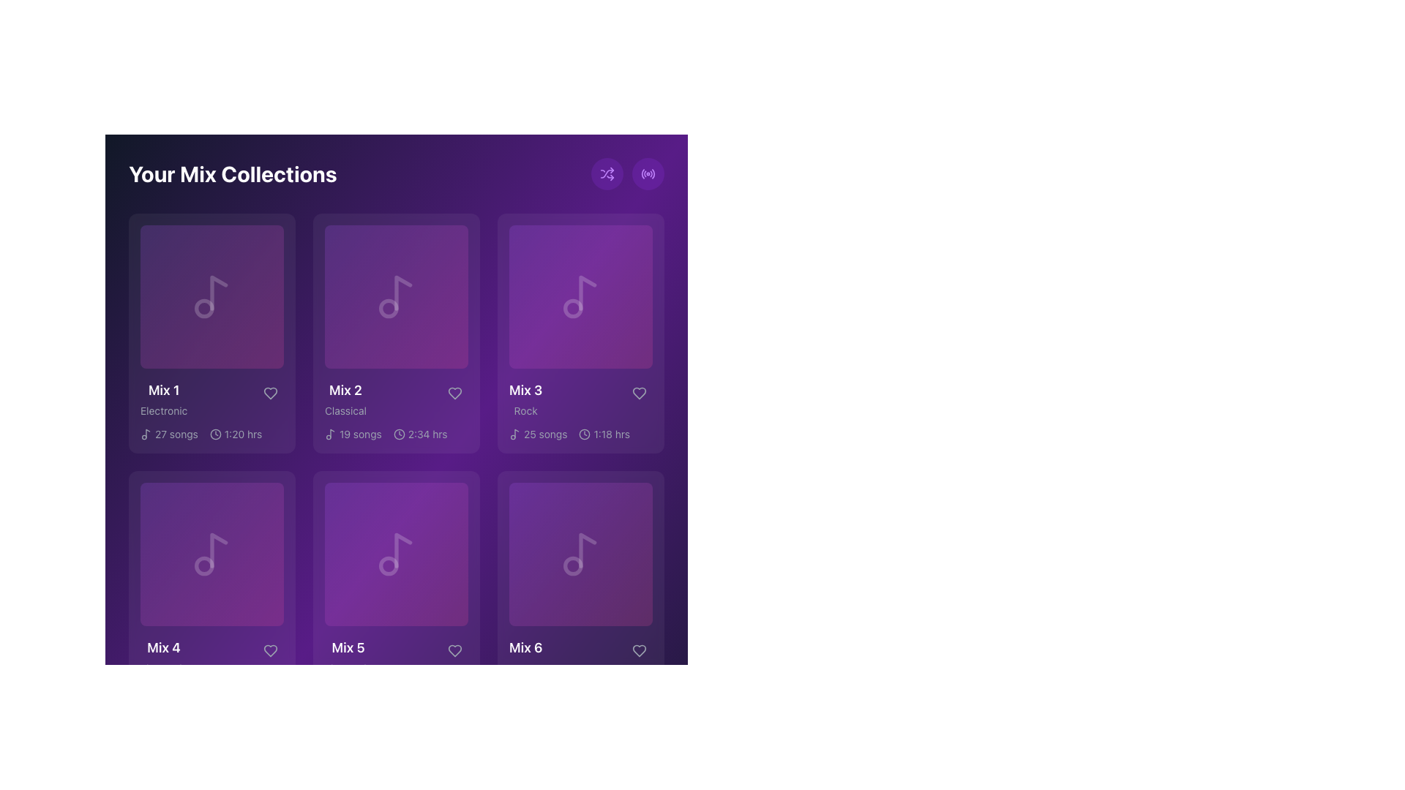  What do you see at coordinates (580, 296) in the screenshot?
I see `the clickable card representing a music collection located in the second row and third column` at bounding box center [580, 296].